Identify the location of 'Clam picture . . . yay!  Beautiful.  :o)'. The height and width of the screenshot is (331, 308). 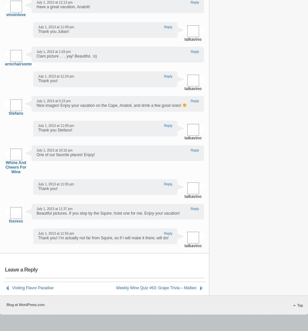
(66, 56).